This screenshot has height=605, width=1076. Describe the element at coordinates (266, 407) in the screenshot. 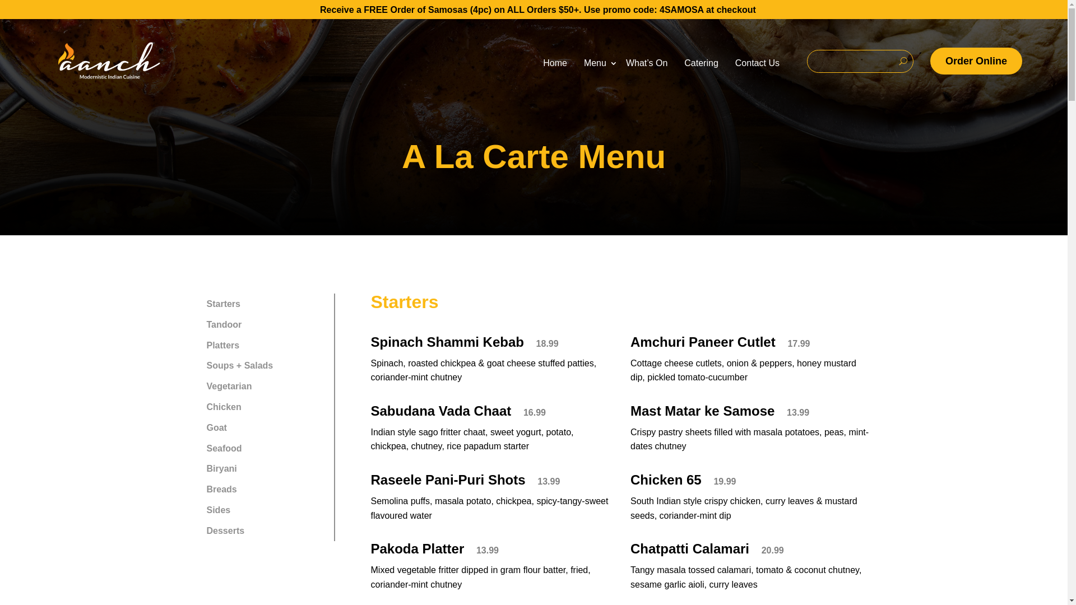

I see `'Chicken'` at that location.